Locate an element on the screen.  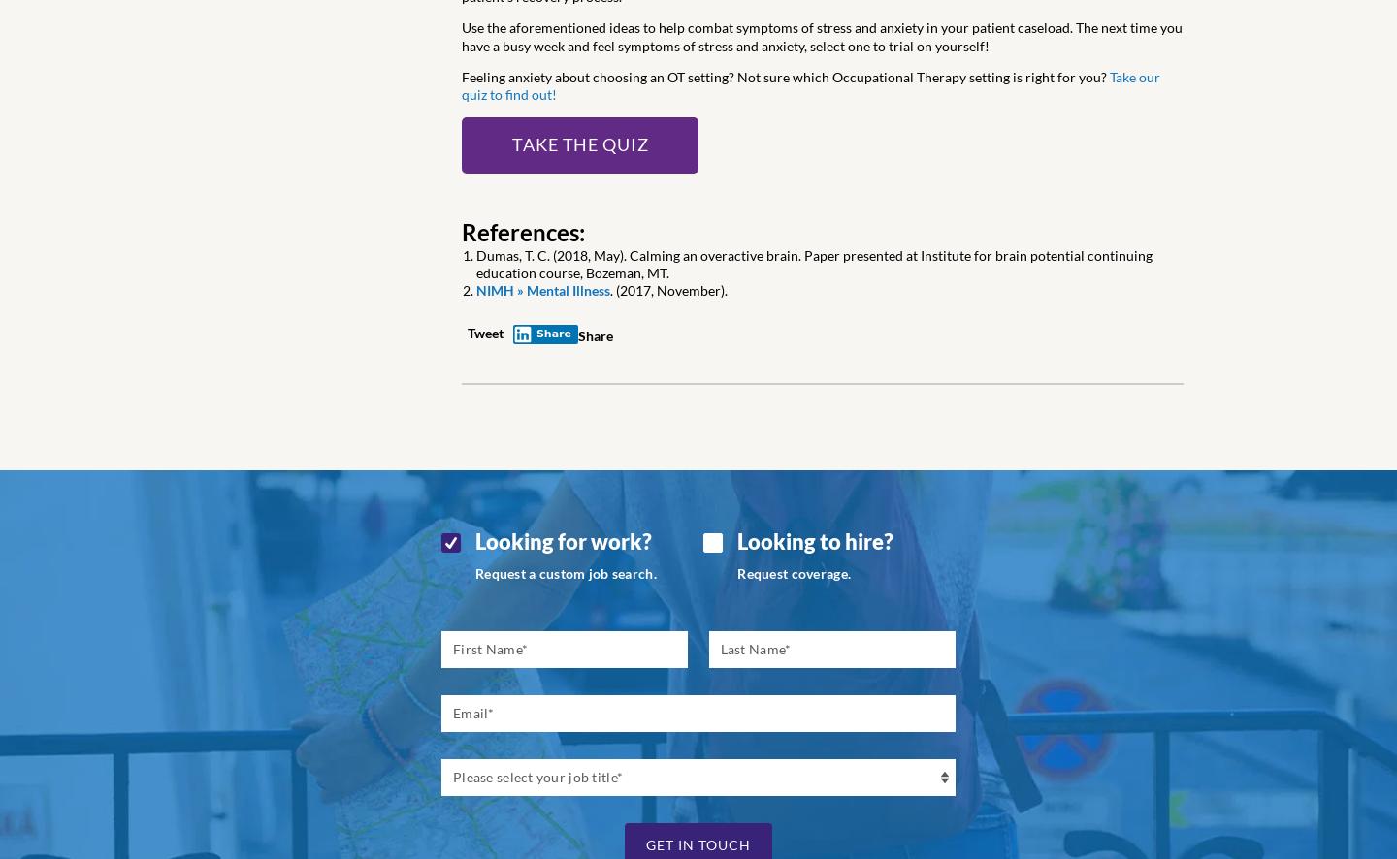
'Tweet' is located at coordinates (484, 332).